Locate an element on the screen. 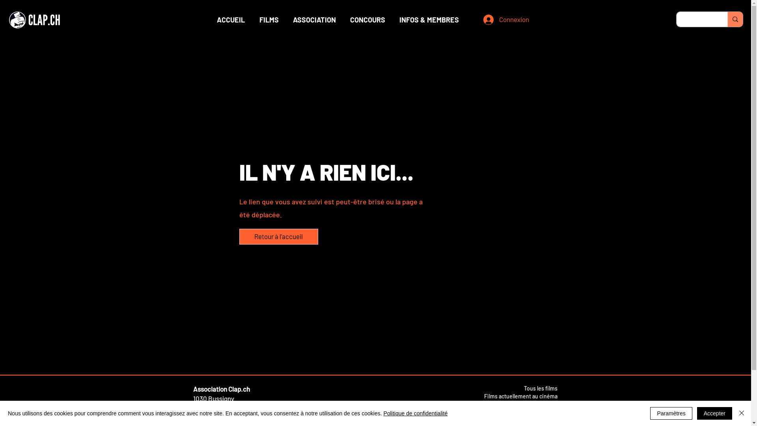 The height and width of the screenshot is (426, 757). 'ASSOCIATION' is located at coordinates (313, 19).